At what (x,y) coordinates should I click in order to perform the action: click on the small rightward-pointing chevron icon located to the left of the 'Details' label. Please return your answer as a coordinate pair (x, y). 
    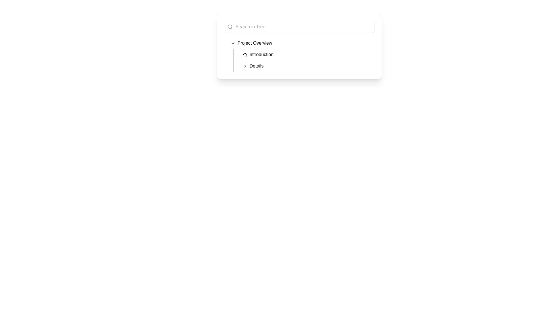
    Looking at the image, I should click on (245, 66).